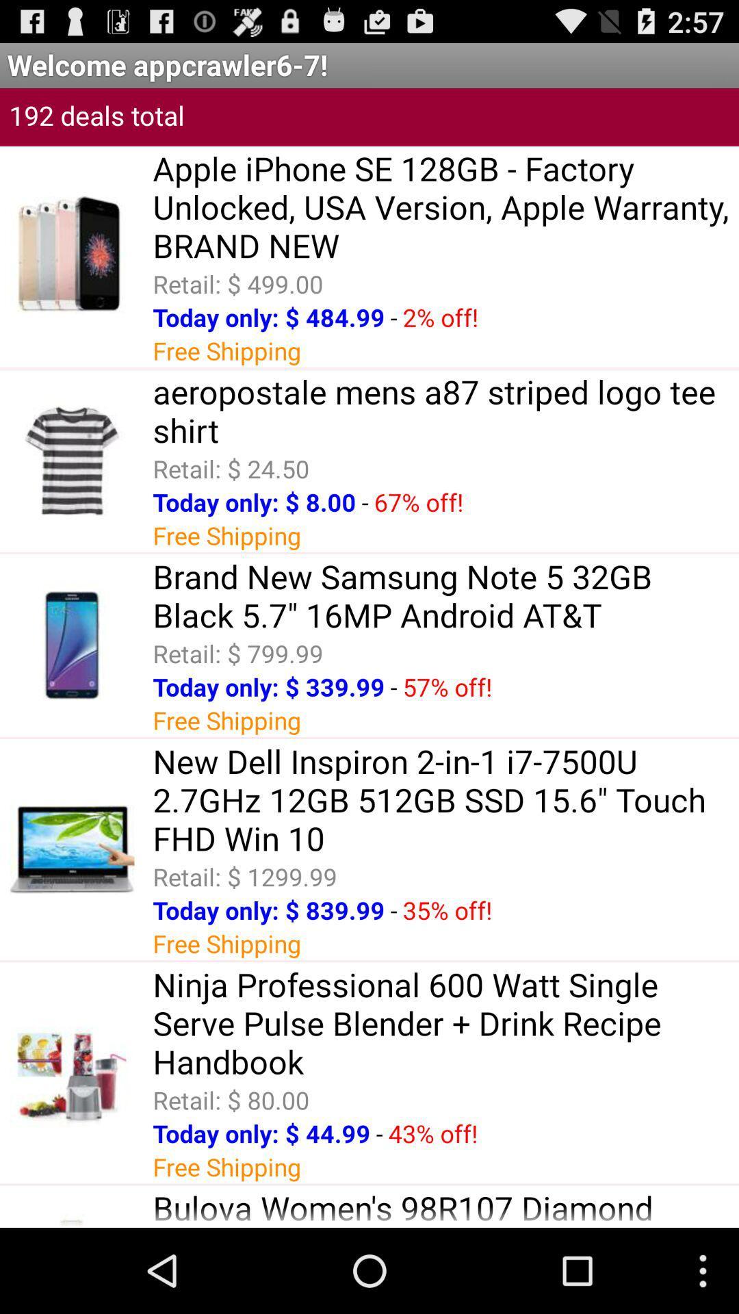  What do you see at coordinates (364, 501) in the screenshot?
I see `item above brand new samsung` at bounding box center [364, 501].